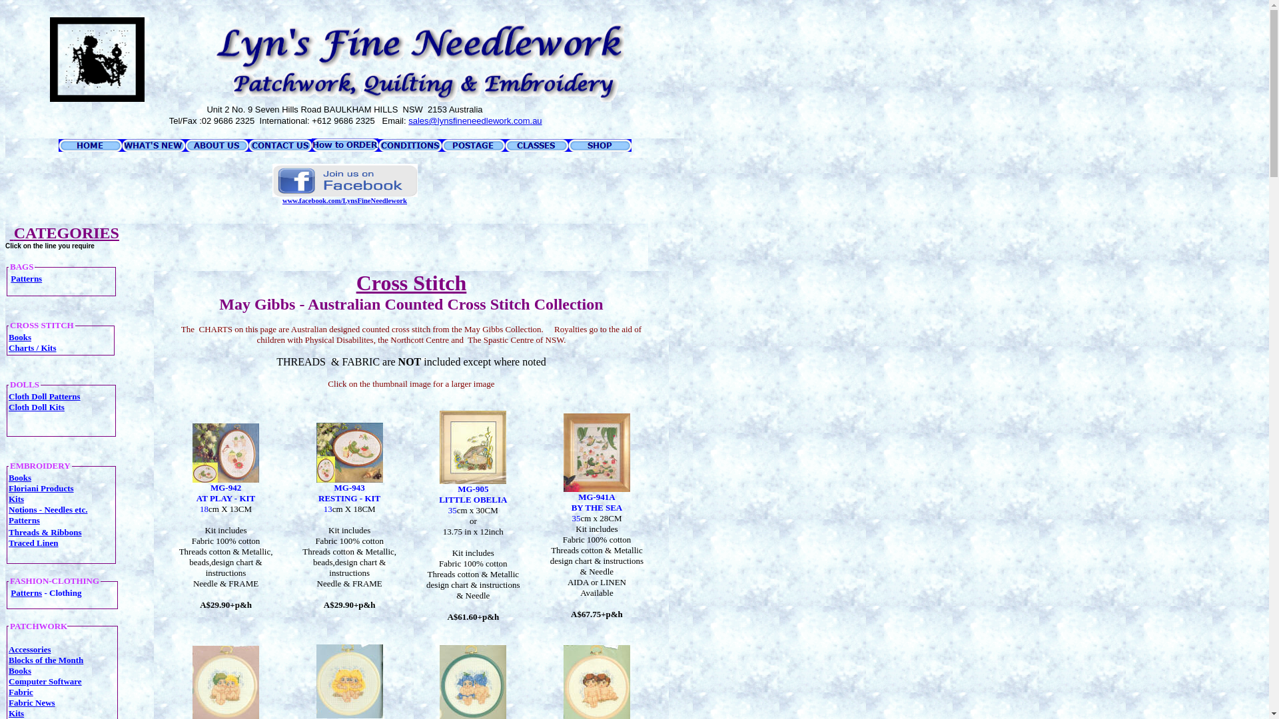 The height and width of the screenshot is (719, 1279). I want to click on 'Accessories', so click(9, 648).